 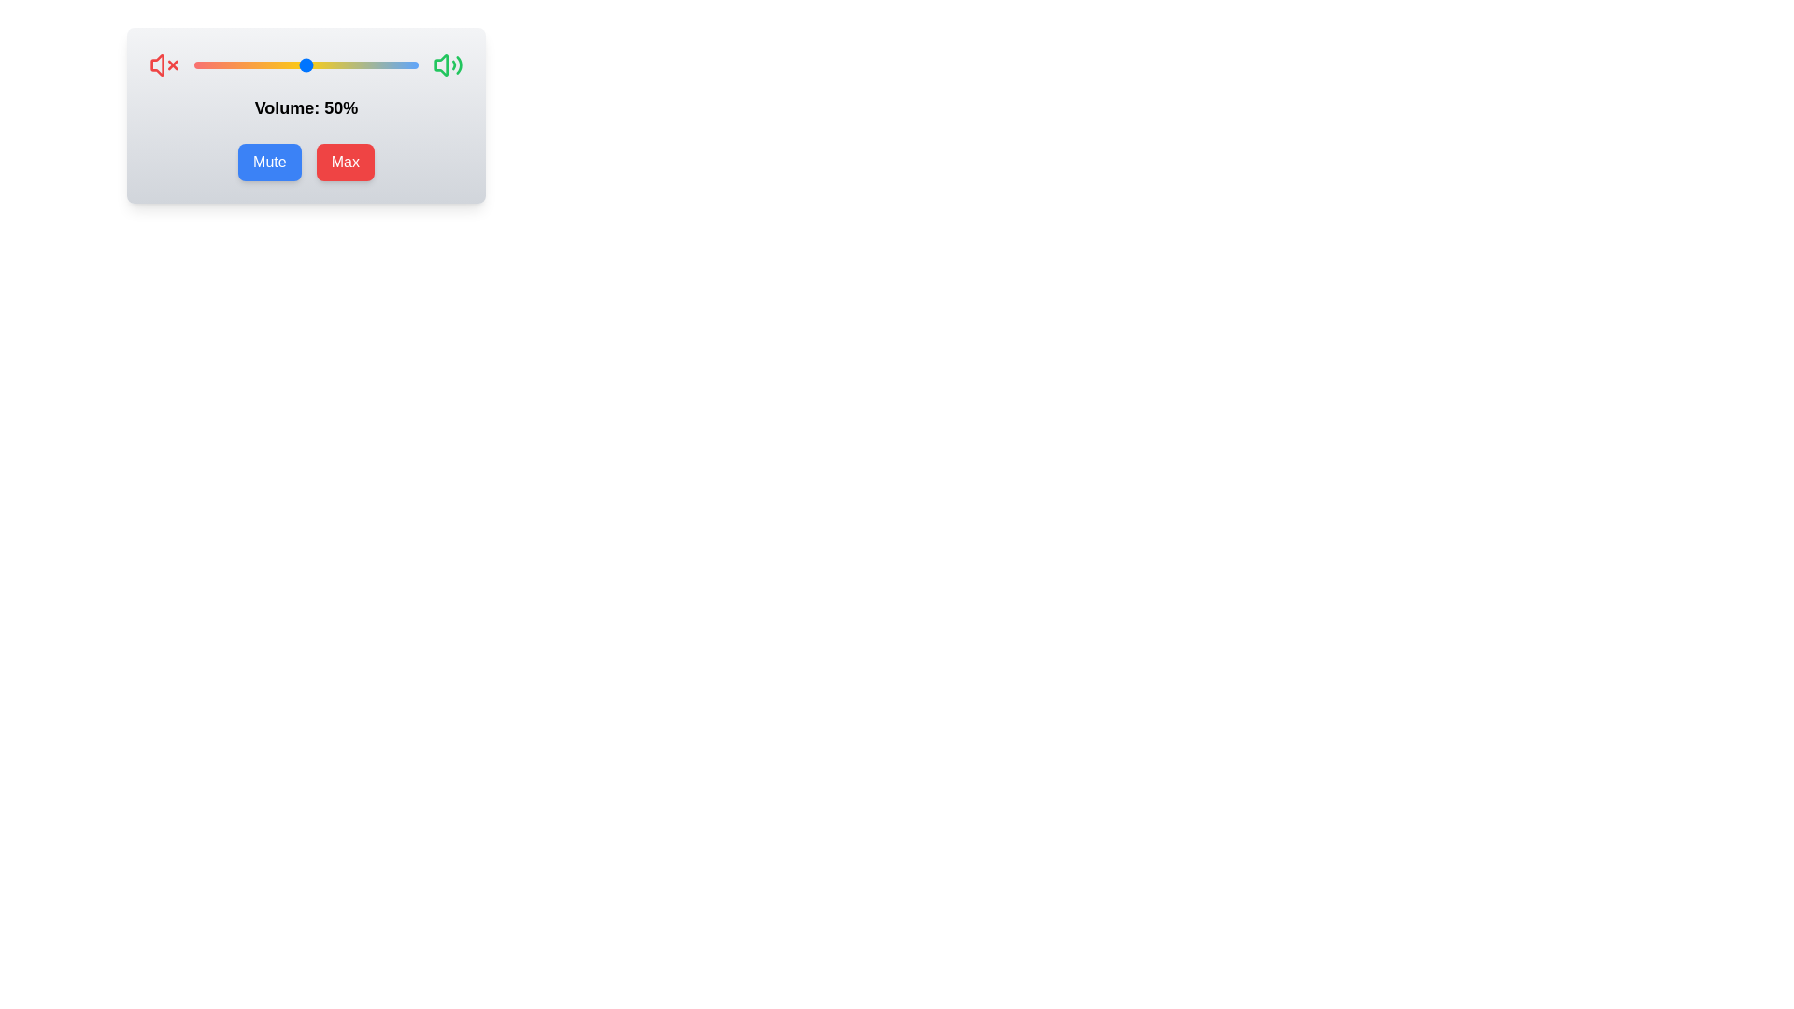 I want to click on the volume slider to 13% level, so click(x=223, y=64).